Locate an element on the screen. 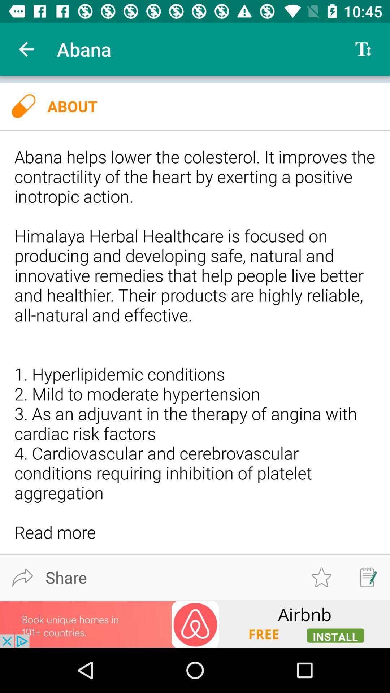  advertisement area is located at coordinates (195, 623).